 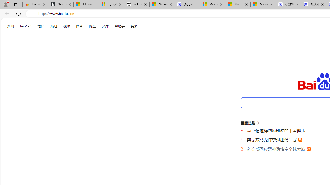 What do you see at coordinates (25, 26) in the screenshot?
I see `'hao123'` at bounding box center [25, 26].